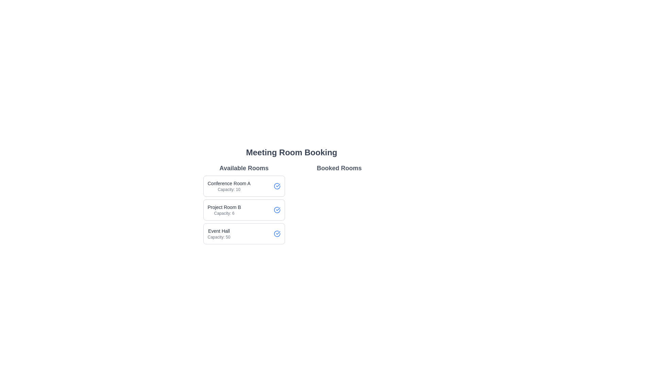  I want to click on the text label 'Capacity: 10' located under 'Conference Room A' in the first card of available rooms, so click(229, 190).